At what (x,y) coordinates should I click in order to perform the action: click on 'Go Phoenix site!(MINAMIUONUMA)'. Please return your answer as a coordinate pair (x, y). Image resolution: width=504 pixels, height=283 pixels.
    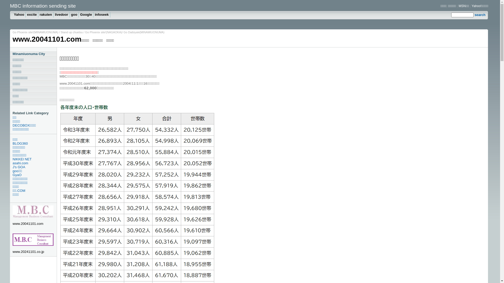
    Looking at the image, I should click on (35, 32).